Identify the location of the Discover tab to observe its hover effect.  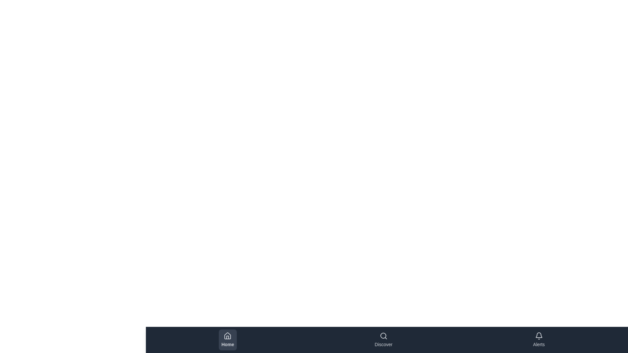
(383, 340).